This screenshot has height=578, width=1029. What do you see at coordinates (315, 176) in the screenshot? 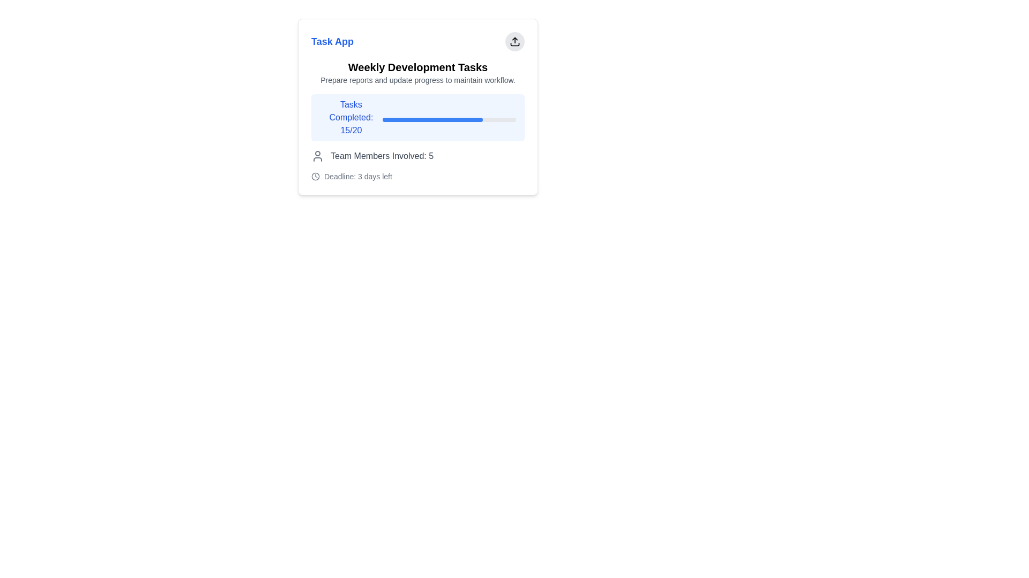
I see `the SVG Circle Element that represents the outline of a clock face, located in the top-right corner of the task details card` at bounding box center [315, 176].